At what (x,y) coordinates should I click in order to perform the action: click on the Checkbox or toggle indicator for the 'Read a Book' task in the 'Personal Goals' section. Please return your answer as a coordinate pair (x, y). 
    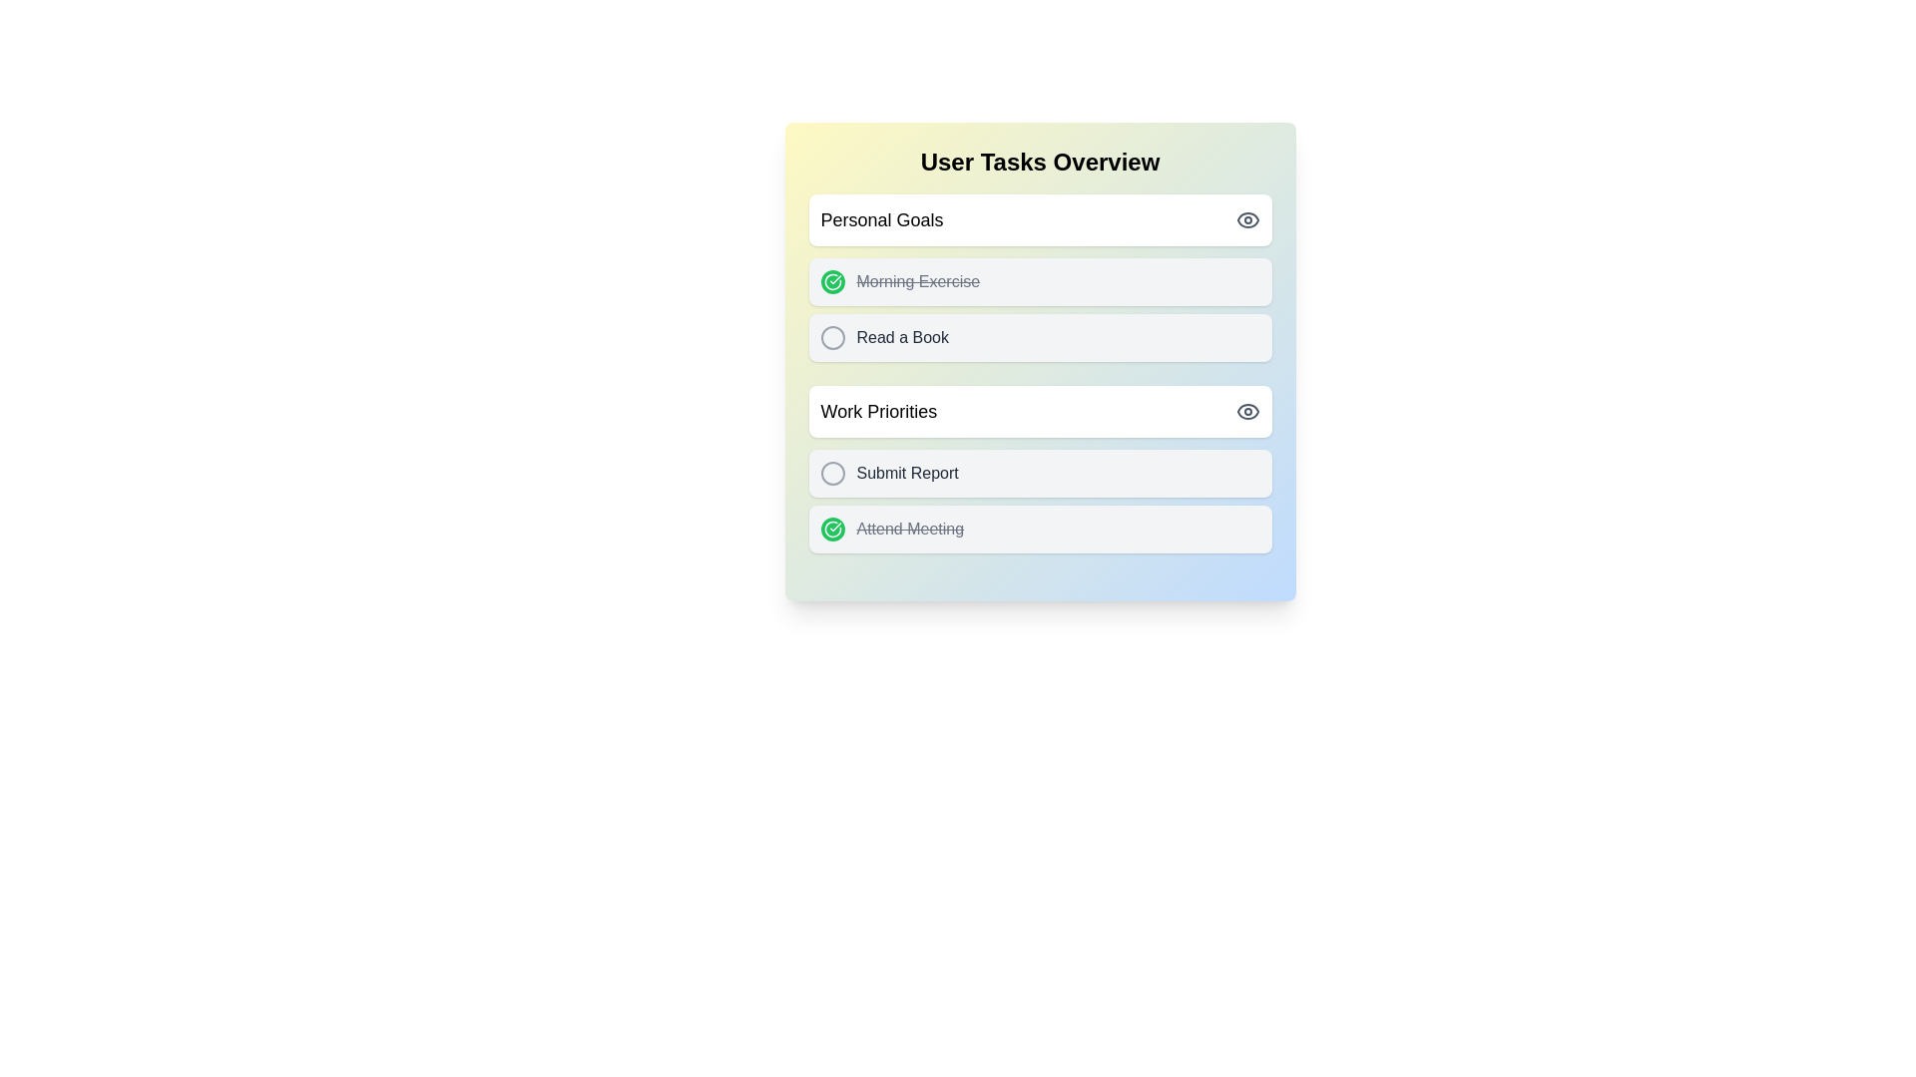
    Looking at the image, I should click on (832, 337).